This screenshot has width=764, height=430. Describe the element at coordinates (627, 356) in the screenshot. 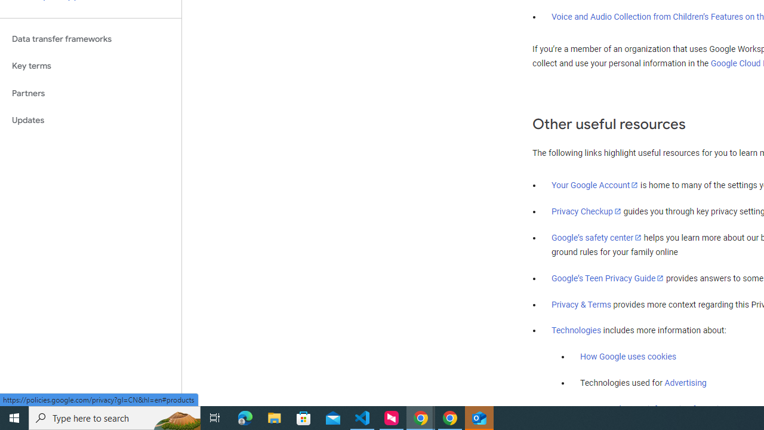

I see `'How Google uses cookies'` at that location.